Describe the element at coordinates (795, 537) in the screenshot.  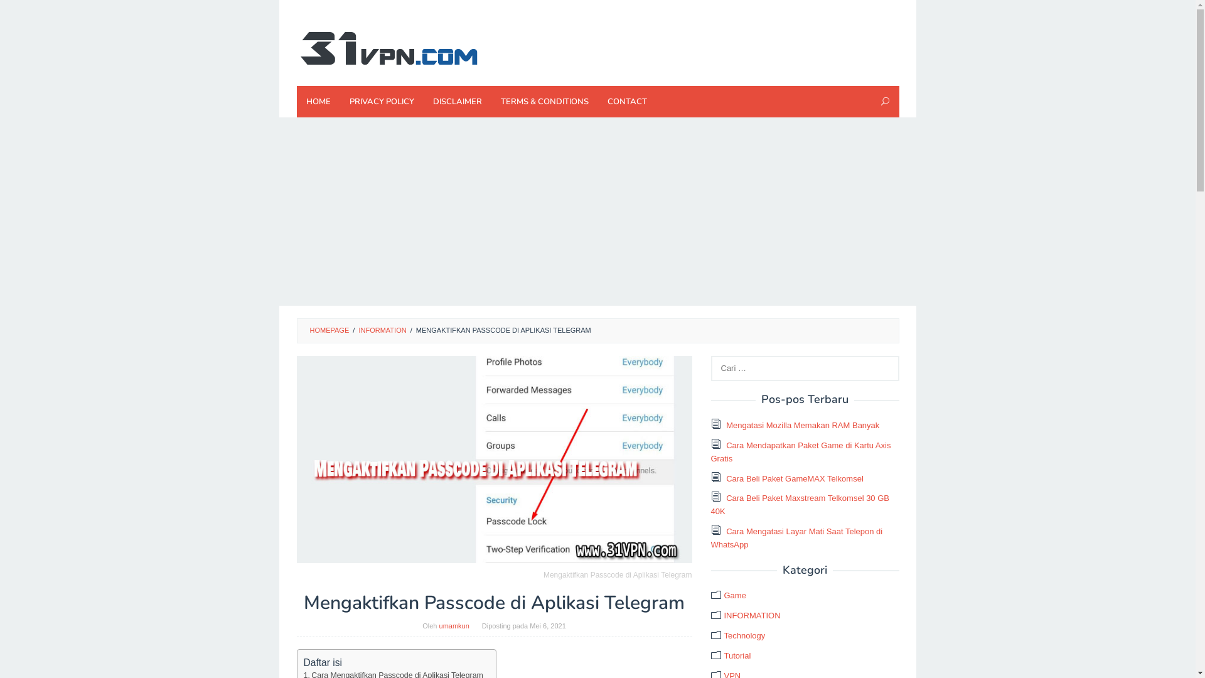
I see `'Cara Mengatasi Layar Mati Saat Telepon di WhatsApp'` at that location.